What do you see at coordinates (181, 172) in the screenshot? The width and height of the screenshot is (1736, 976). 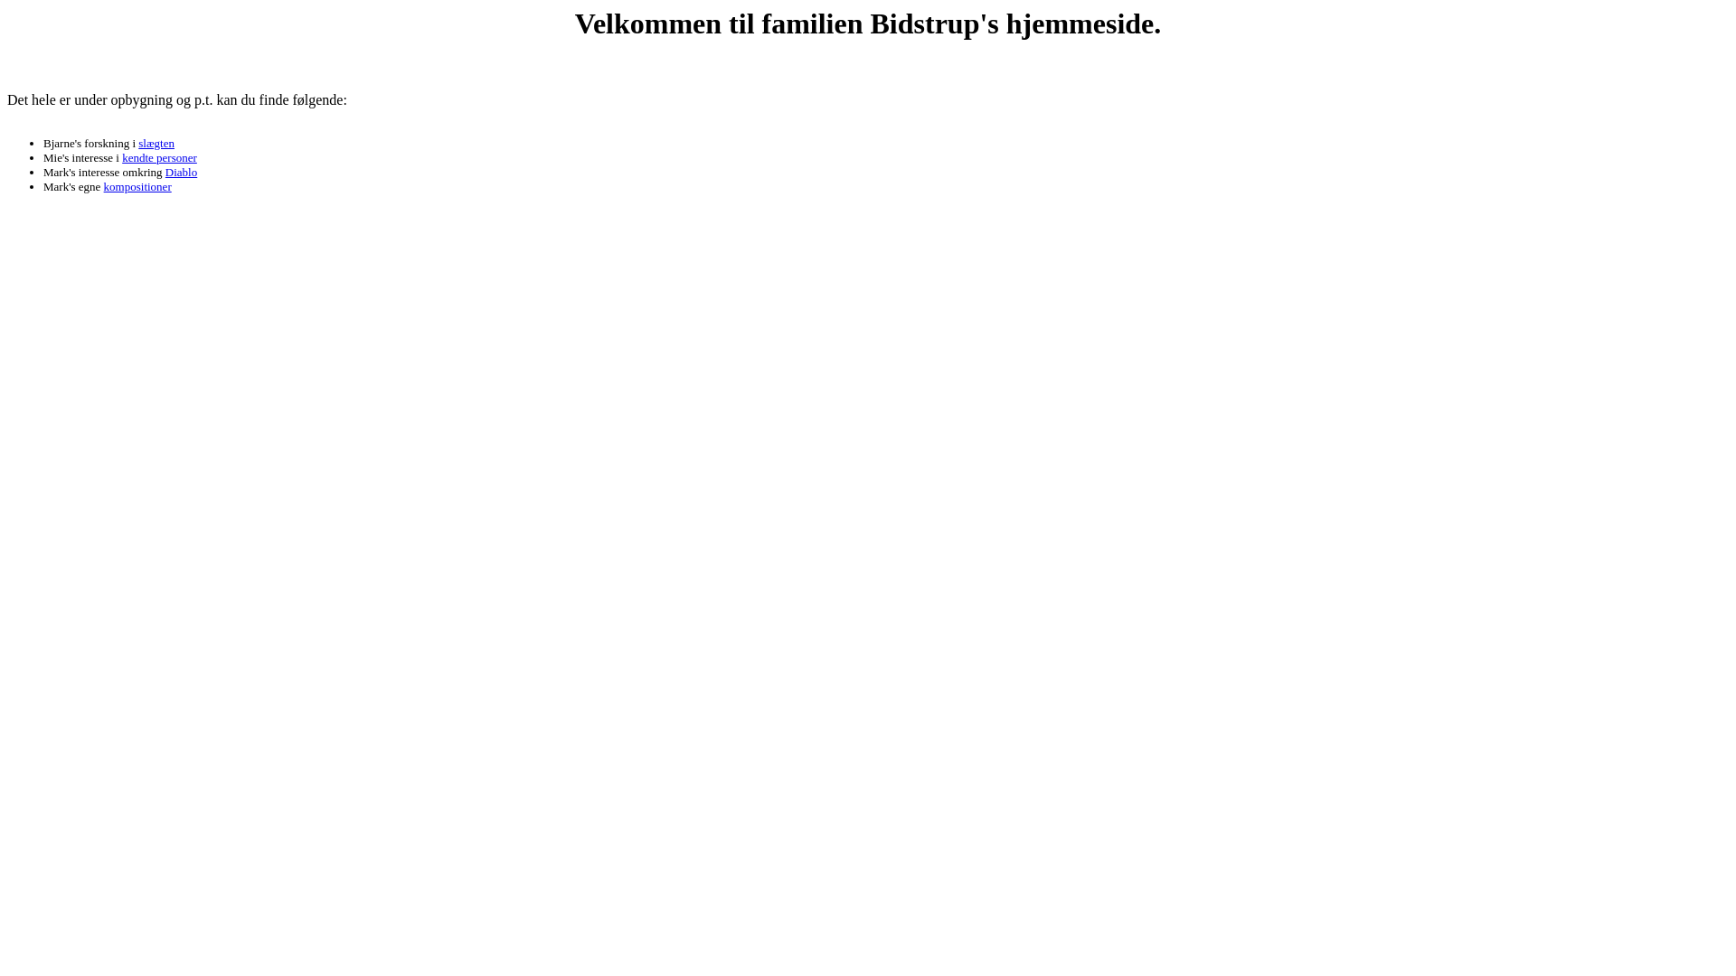 I see `'Diablo'` at bounding box center [181, 172].